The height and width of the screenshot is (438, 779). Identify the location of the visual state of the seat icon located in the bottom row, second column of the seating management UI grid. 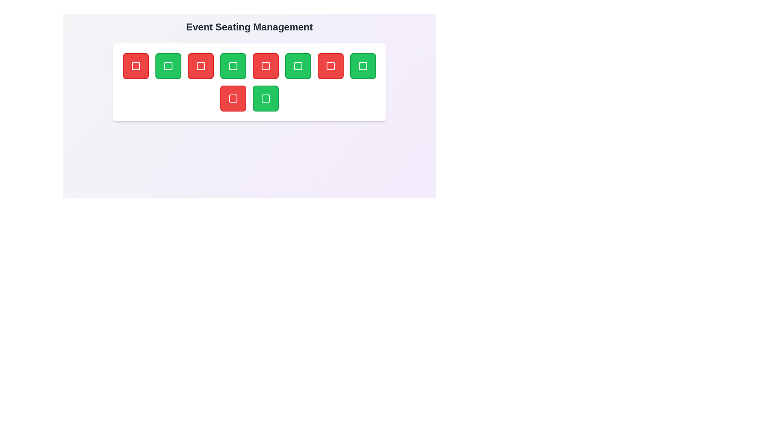
(233, 98).